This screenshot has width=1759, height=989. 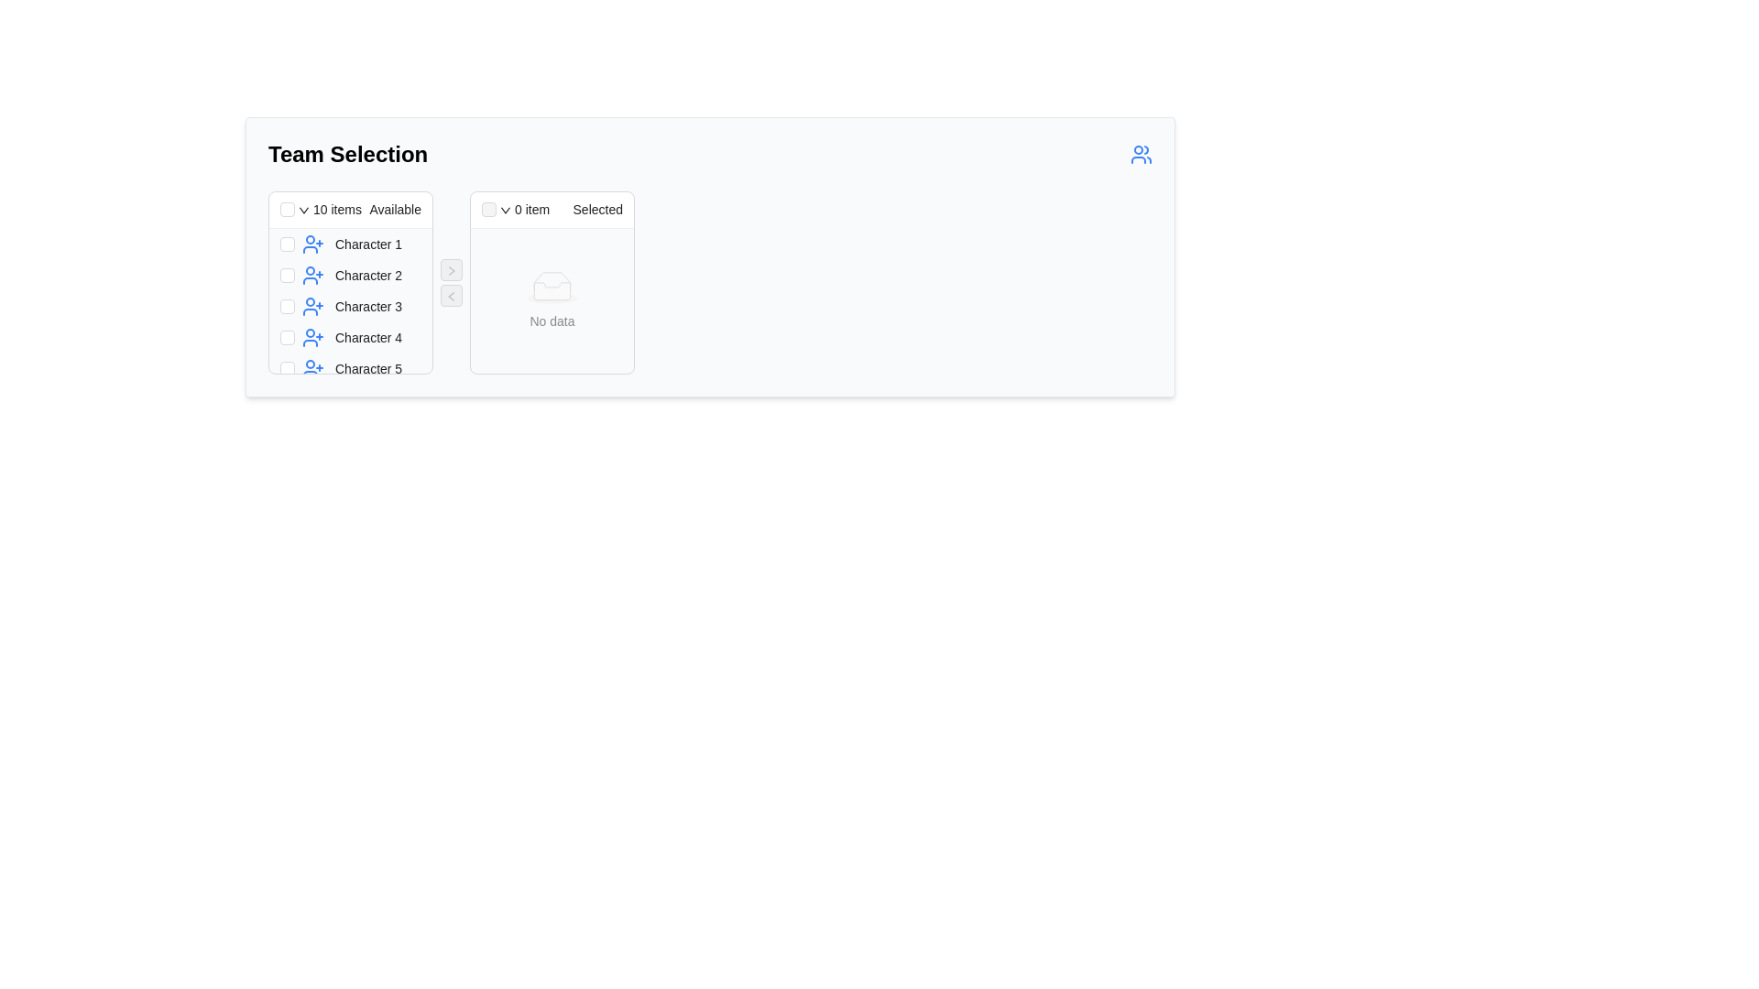 What do you see at coordinates (351, 210) in the screenshot?
I see `the header of the transfer list, which includes an integrated checkbox and dropdown` at bounding box center [351, 210].